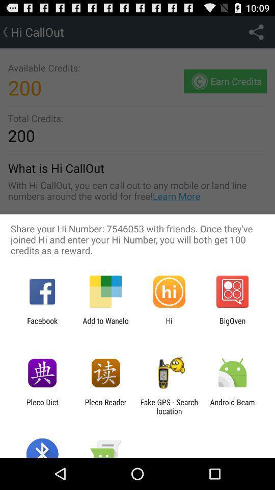  What do you see at coordinates (232, 406) in the screenshot?
I see `android beam icon` at bounding box center [232, 406].